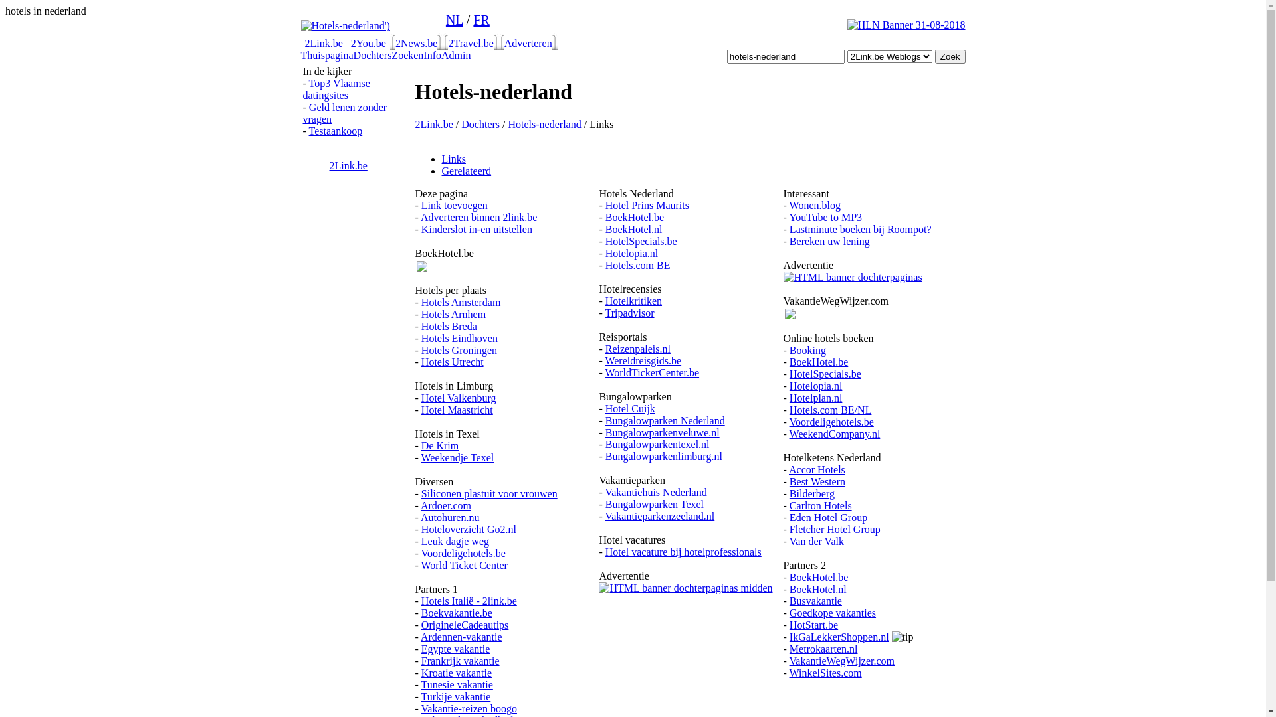  Describe the element at coordinates (478, 216) in the screenshot. I see `'Adverteren binnen 2link.be'` at that location.